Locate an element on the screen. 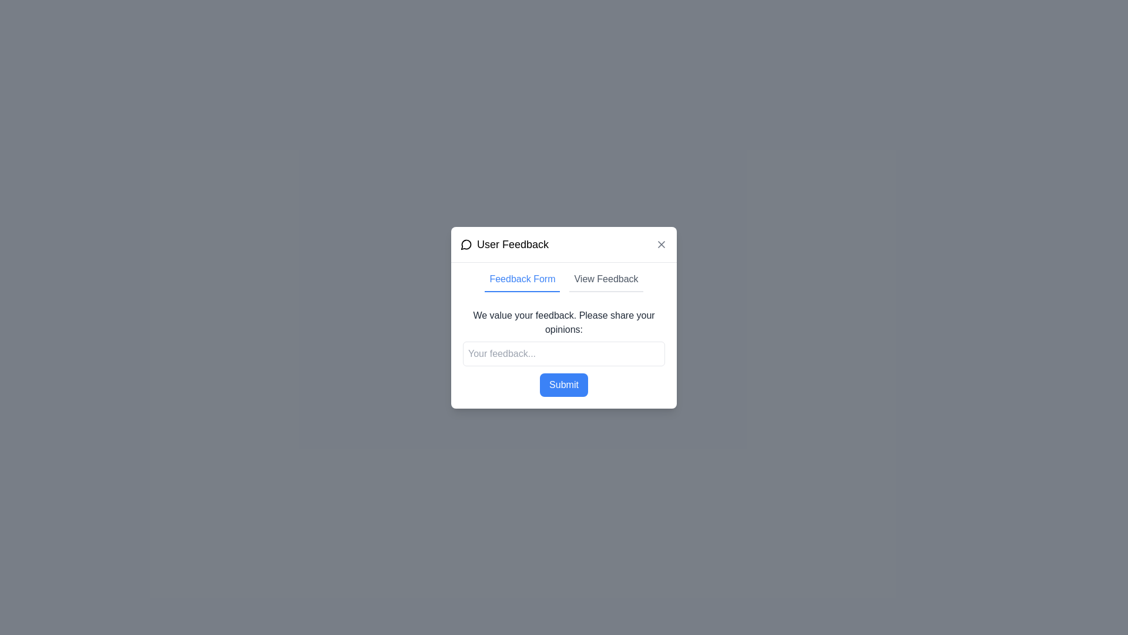 The height and width of the screenshot is (635, 1128). the 'Submit' button, which is a rectangular button with a blue background and white text, located beneath the text input field labeled 'Your feedback...' is located at coordinates (564, 385).